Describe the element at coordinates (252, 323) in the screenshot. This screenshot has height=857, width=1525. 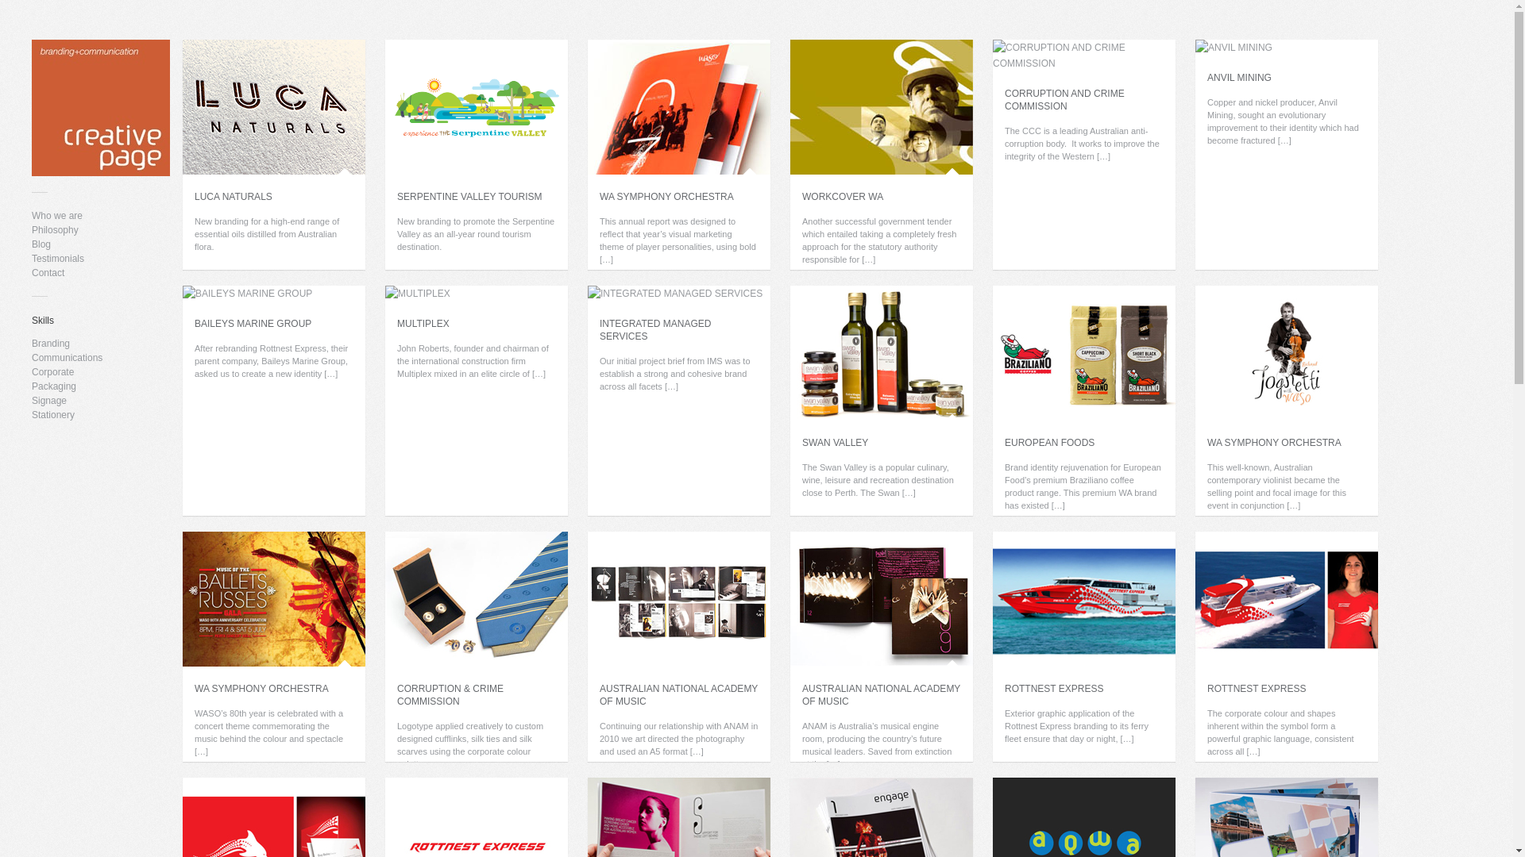
I see `'BAILEYS MARINE GROUP'` at that location.